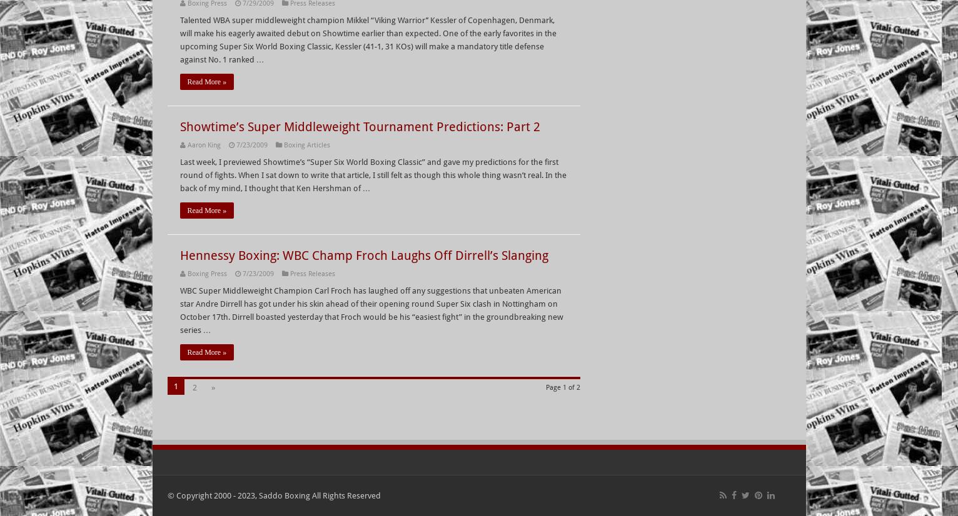 Image resolution: width=958 pixels, height=516 pixels. I want to click on 'Showtime’s Super Middleweight Tournament Predictions: Part 2', so click(358, 127).